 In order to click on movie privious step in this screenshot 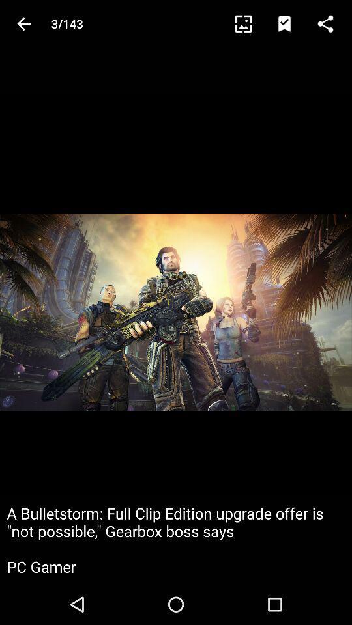, I will do `click(23, 23)`.